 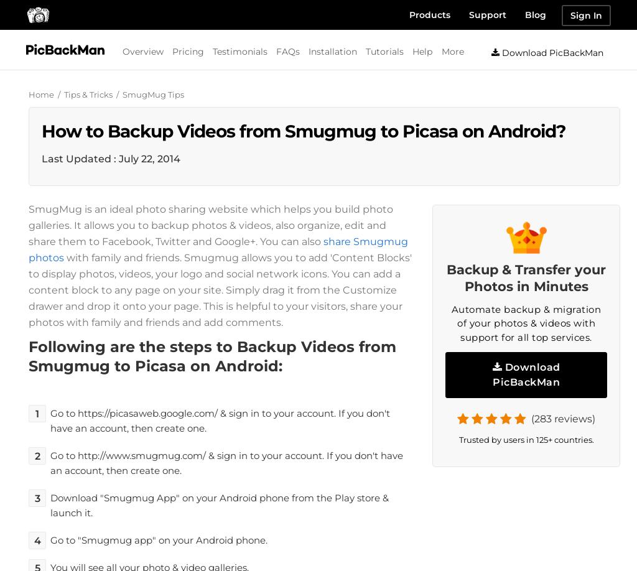 I want to click on 'SmugMug is an ideal photo sharing website which helps you build photo galleries. It allows you to backup photos & videos, also organize, edit and share them to Facebook, Twitter and Google+. You can also', so click(x=210, y=225).